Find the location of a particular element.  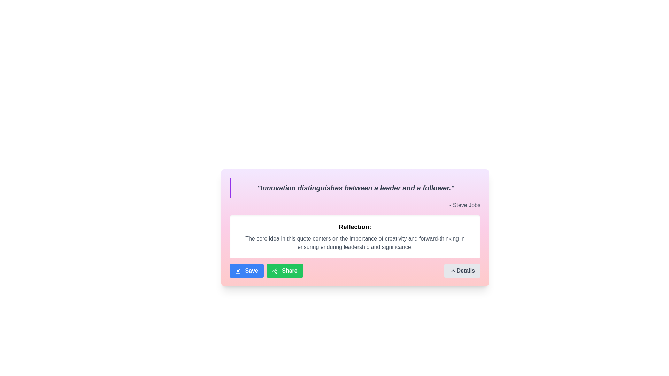

the third button in the horizontal button group at the lower right of the card interface is located at coordinates (462, 271).